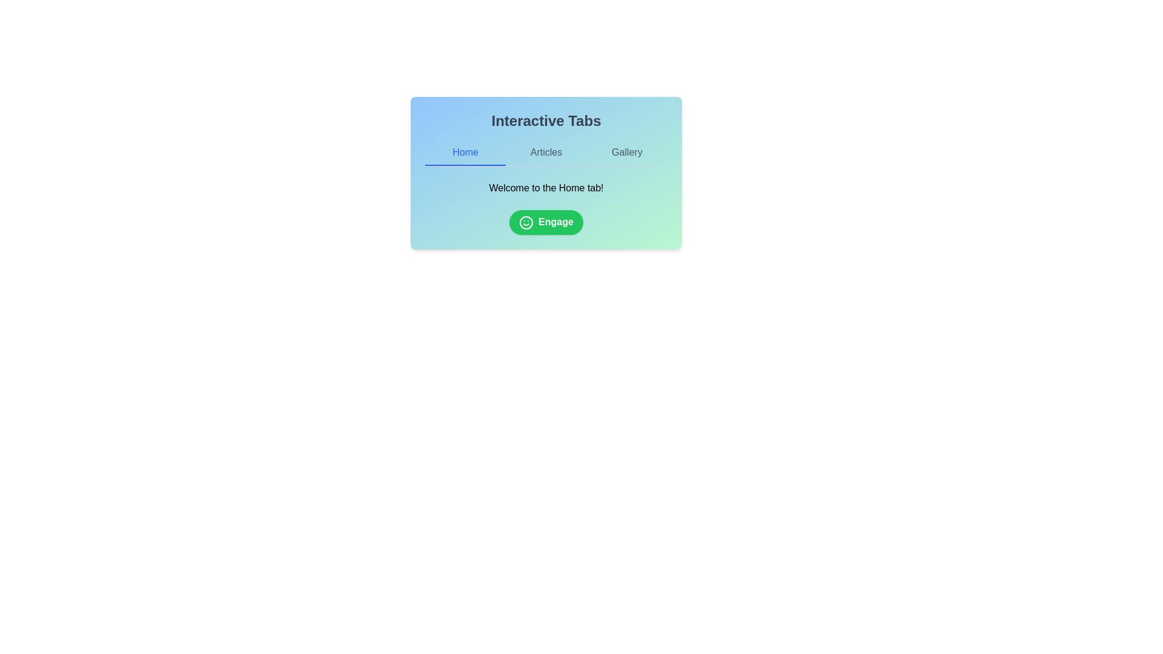 This screenshot has height=654, width=1163. Describe the element at coordinates (546, 121) in the screenshot. I see `the static text label/header at the top of the card, which introduces the content or functionality provided within the card` at that location.